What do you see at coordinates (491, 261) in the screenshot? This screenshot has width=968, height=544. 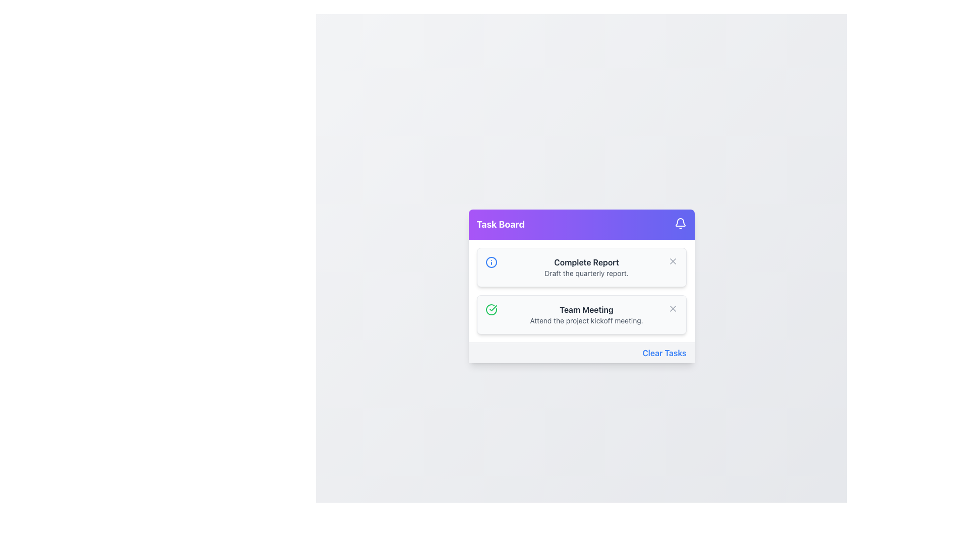 I see `the first SVG circle element, which has a radius of 10 units and is styled with a stroke but no fill, located in the top-right corner of the task board component` at bounding box center [491, 261].